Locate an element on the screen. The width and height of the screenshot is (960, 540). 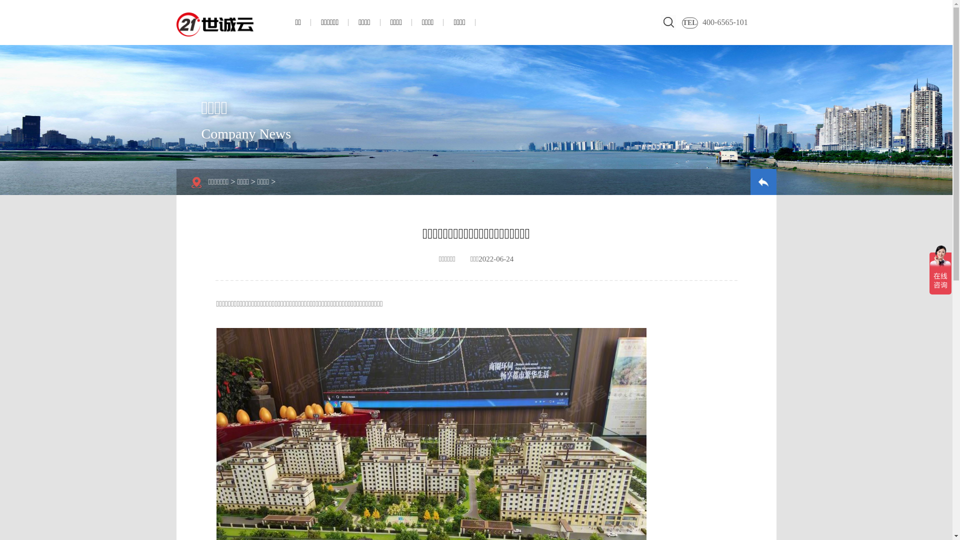
'TEL' is located at coordinates (689, 22).